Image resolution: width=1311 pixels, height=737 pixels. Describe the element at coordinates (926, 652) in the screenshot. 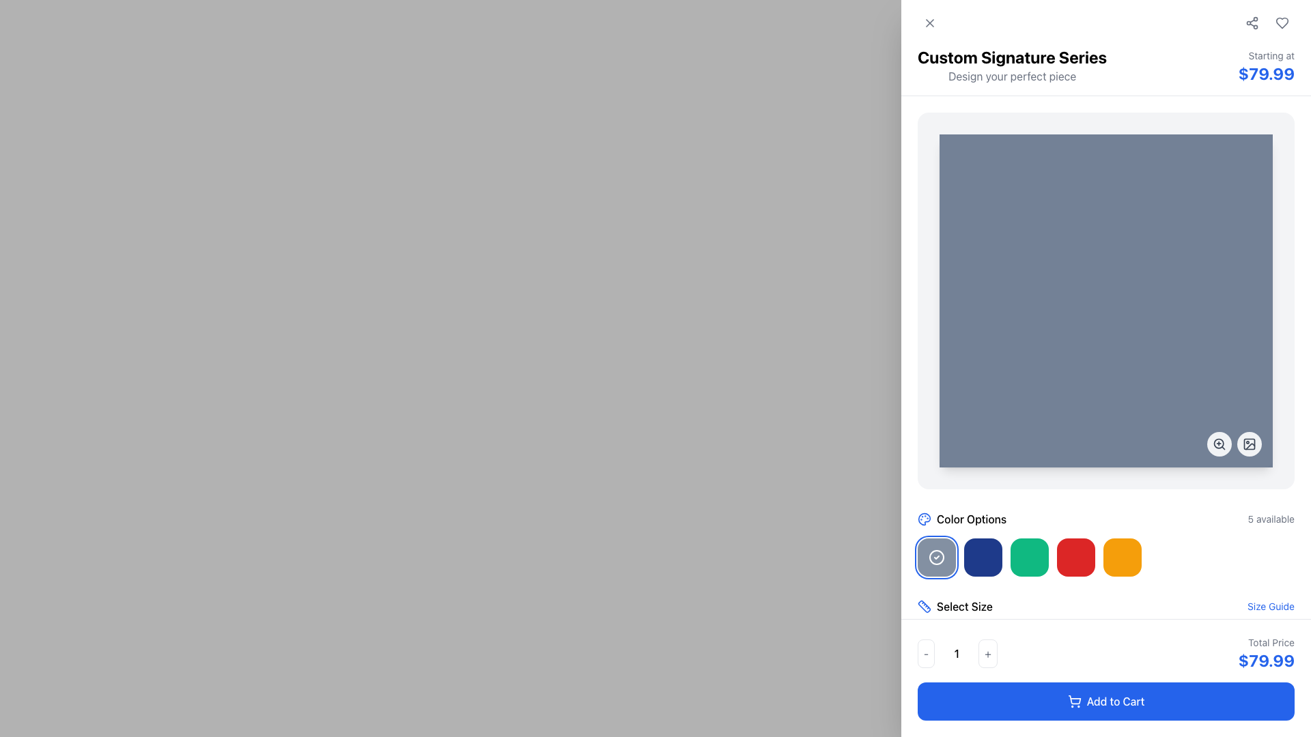

I see `the decrement button located at the bottom-right corner of the interface, underneath the 'Select Size' label` at that location.